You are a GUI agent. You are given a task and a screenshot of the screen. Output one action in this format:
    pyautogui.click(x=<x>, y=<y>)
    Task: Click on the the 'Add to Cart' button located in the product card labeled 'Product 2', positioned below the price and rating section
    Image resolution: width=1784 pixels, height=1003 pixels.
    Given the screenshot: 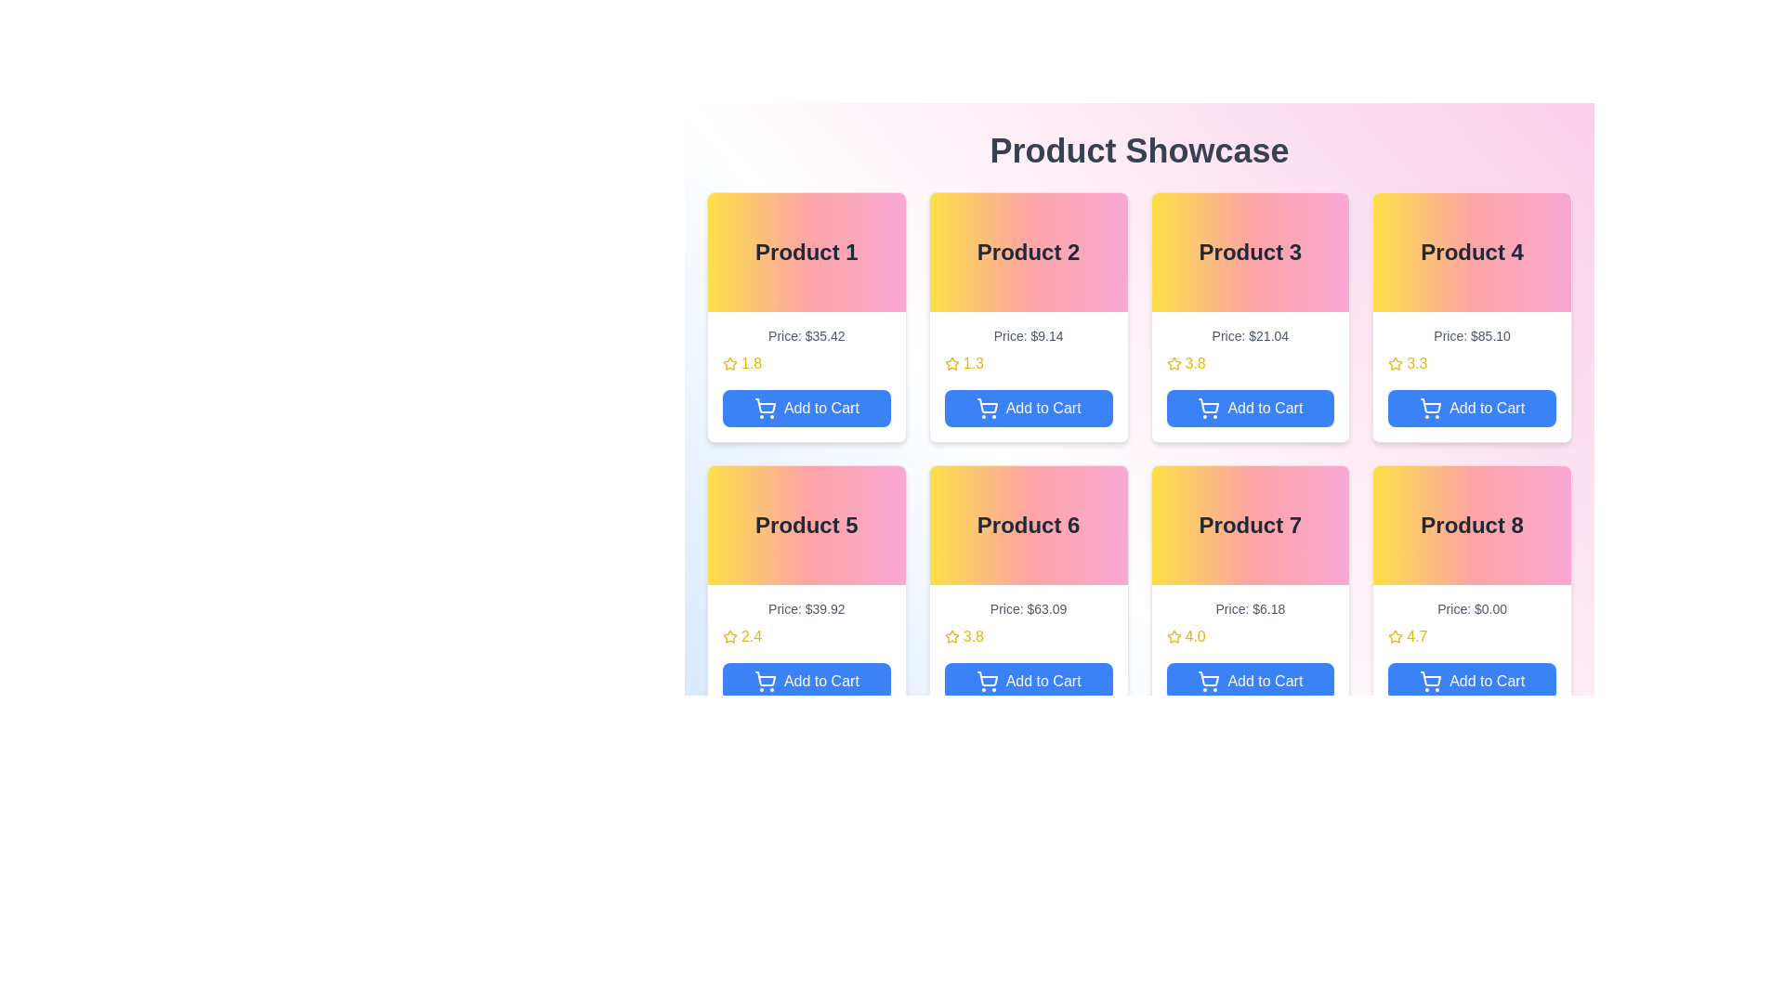 What is the action you would take?
    pyautogui.click(x=1028, y=407)
    